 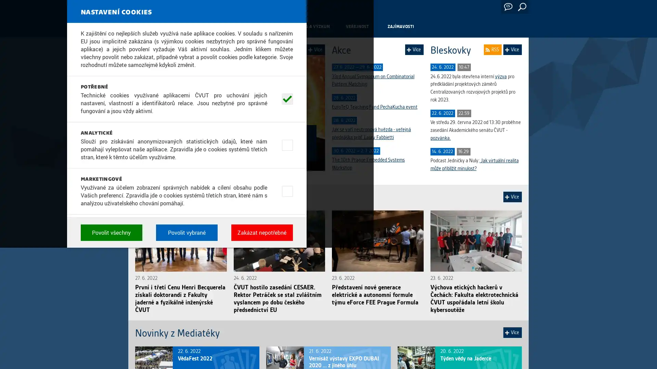 I want to click on Povolit vybrane, so click(x=328, y=337).